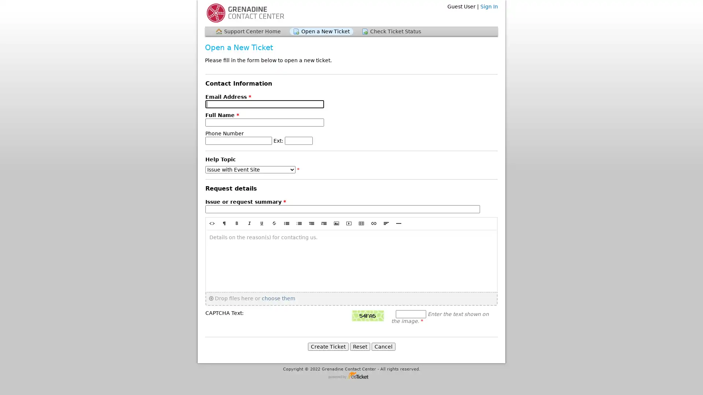  Describe the element at coordinates (212, 223) in the screenshot. I see `HTML` at that location.